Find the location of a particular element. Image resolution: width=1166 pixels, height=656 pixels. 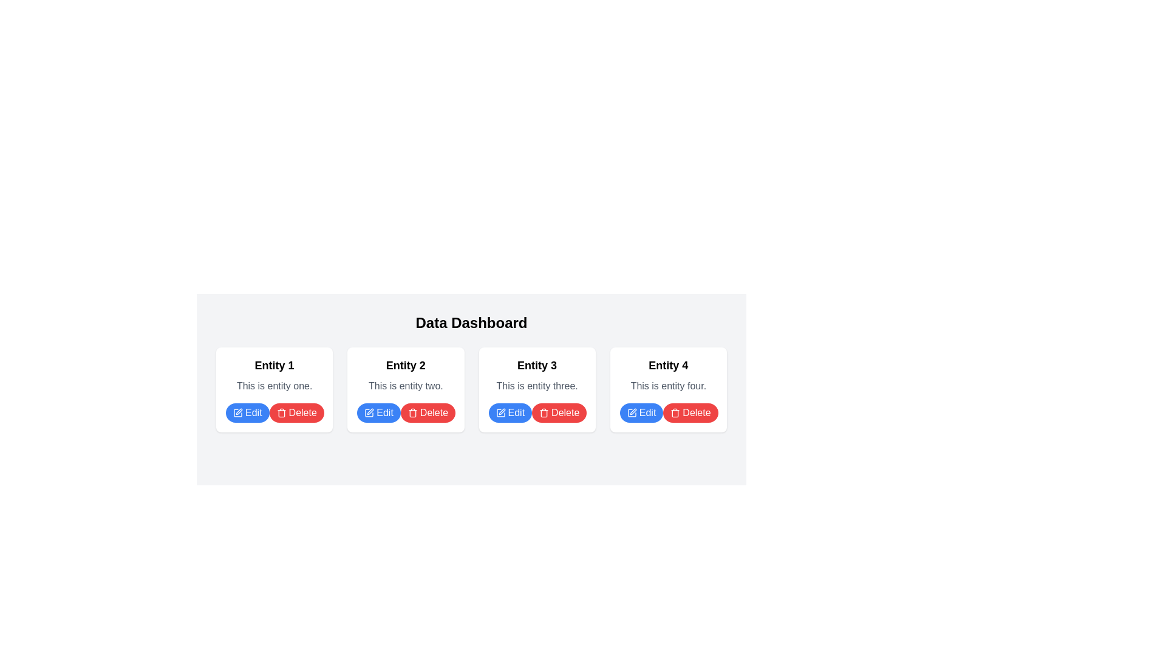

the static text label providing information about 'Entity 3', located directly below its heading in the third card of the collection is located at coordinates (536, 386).